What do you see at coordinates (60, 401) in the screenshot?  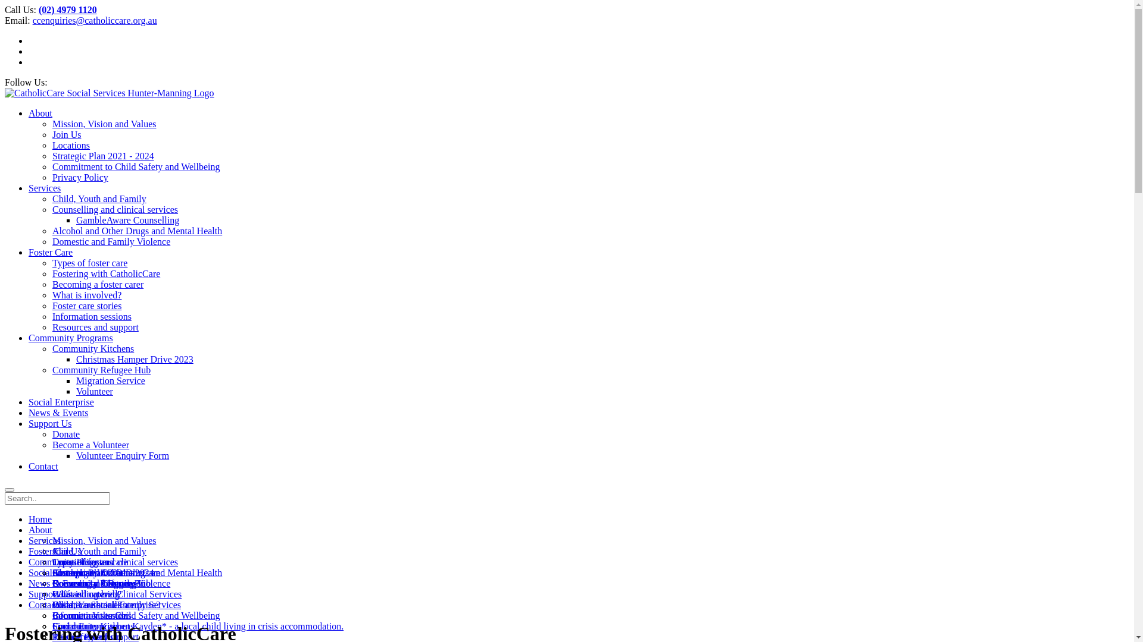 I see `'Social Enterprise'` at bounding box center [60, 401].